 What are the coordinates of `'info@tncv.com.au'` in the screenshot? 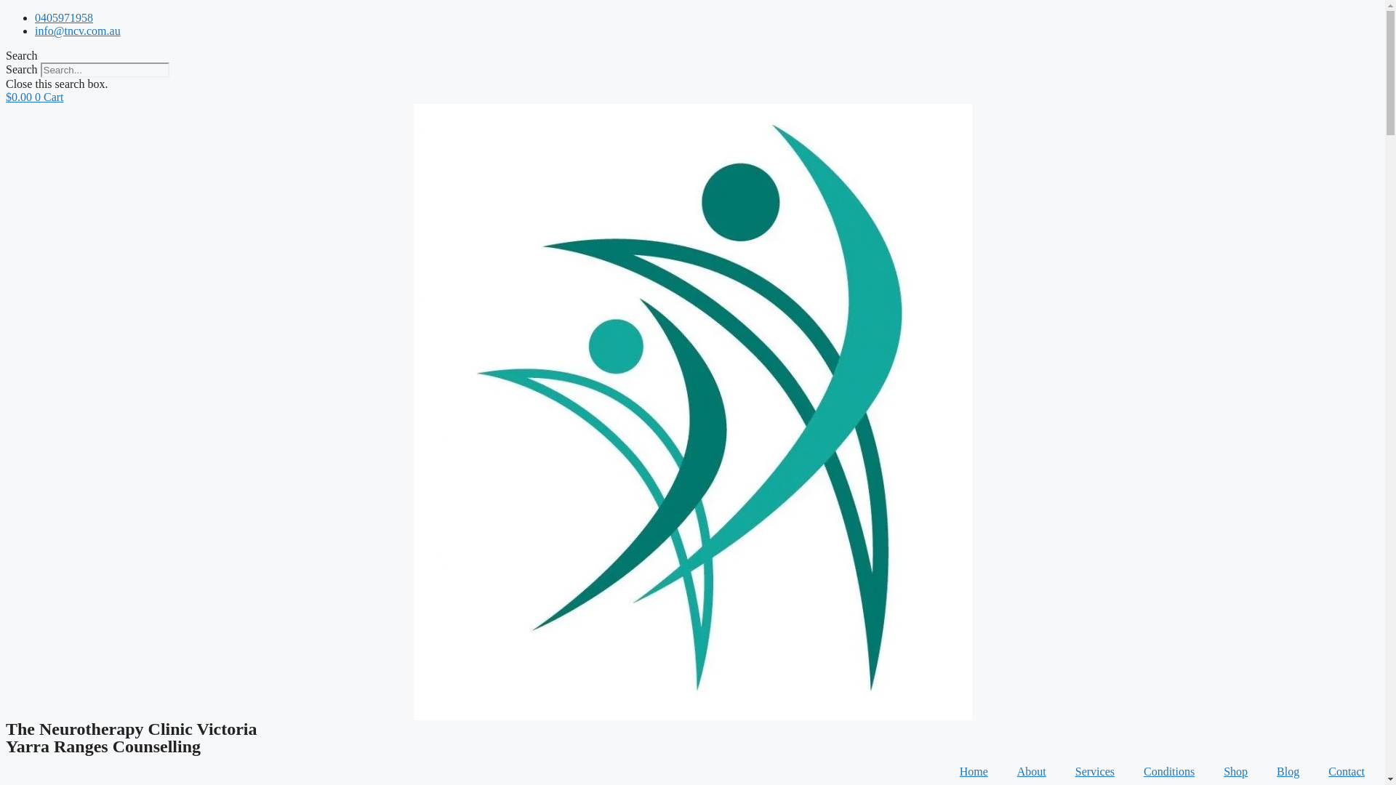 It's located at (35, 31).